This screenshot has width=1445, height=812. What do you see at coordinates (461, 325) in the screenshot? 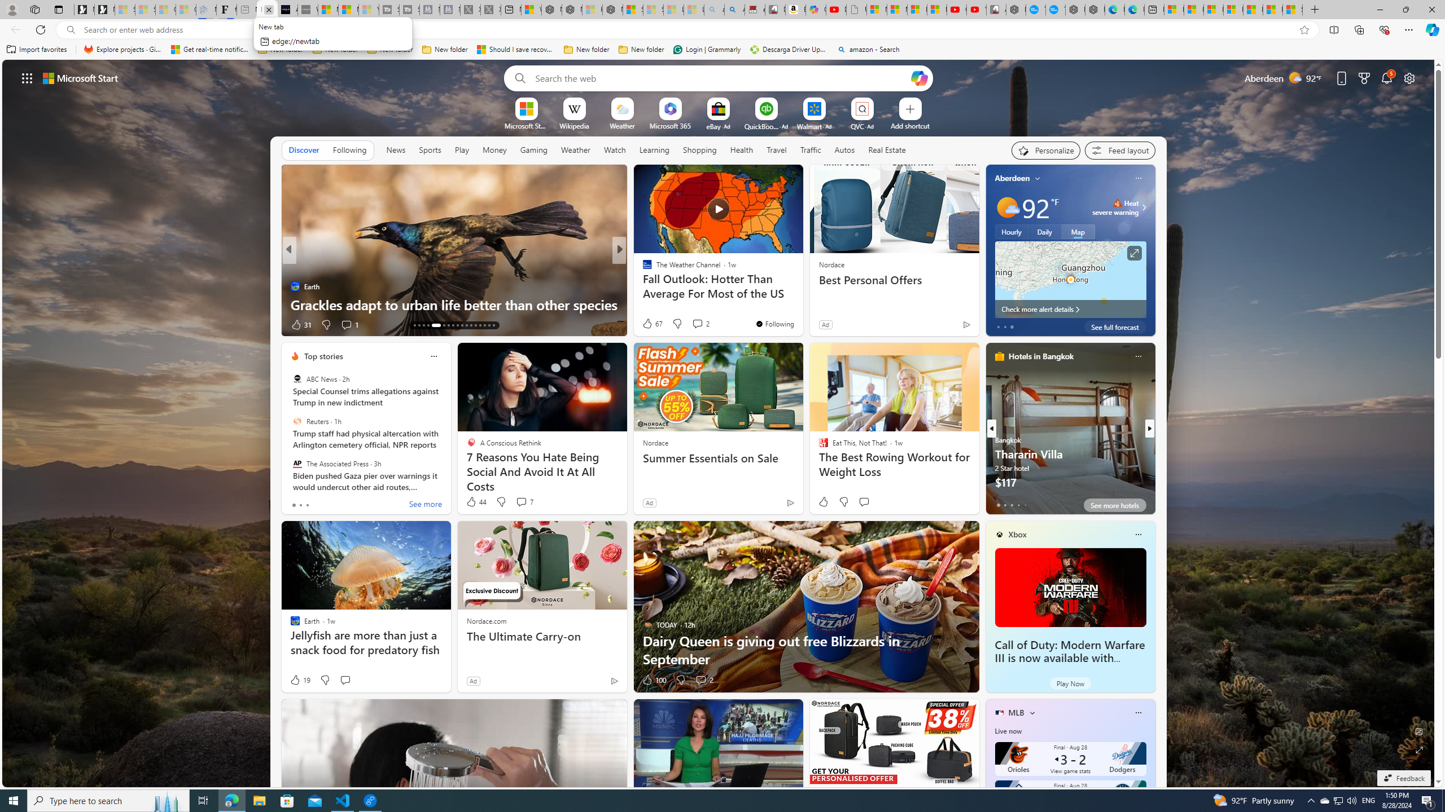
I see `'AutomationID: tab-26'` at bounding box center [461, 325].